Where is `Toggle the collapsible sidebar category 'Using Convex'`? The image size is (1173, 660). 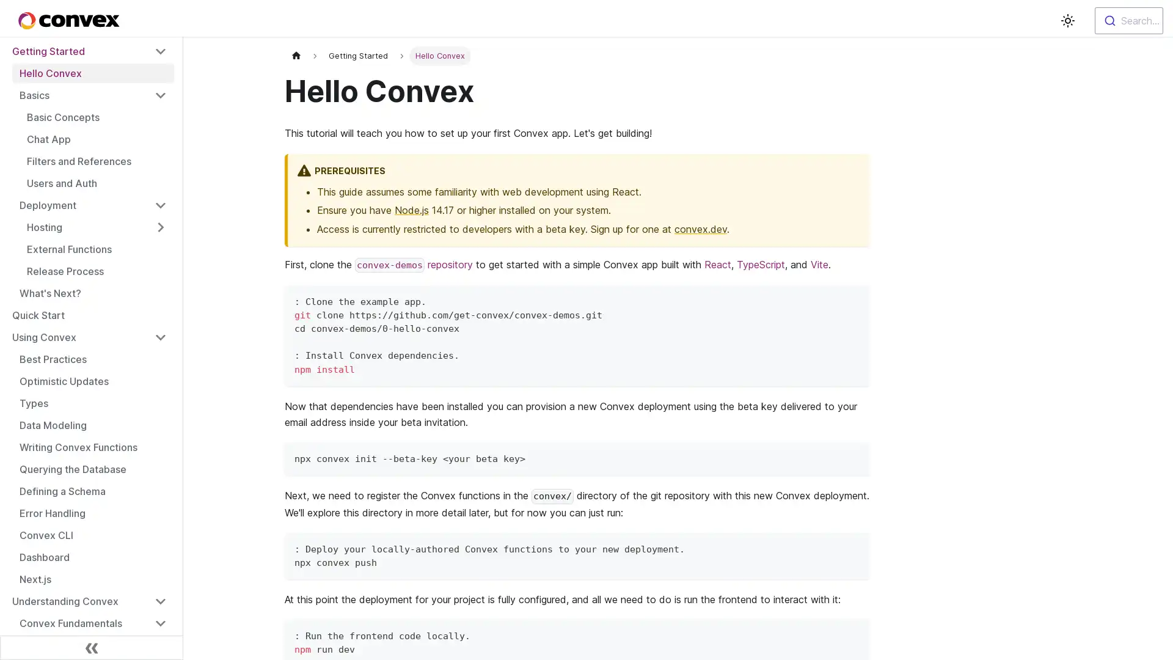
Toggle the collapsible sidebar category 'Using Convex' is located at coordinates (160, 337).